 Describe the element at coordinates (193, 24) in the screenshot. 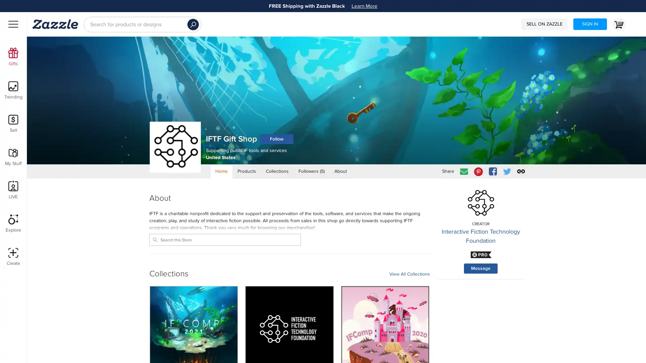

I see `A Search` at that location.